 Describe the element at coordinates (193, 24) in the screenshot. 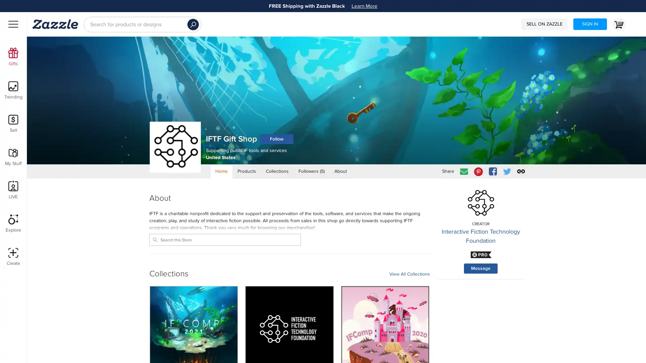

I see `A Search` at that location.